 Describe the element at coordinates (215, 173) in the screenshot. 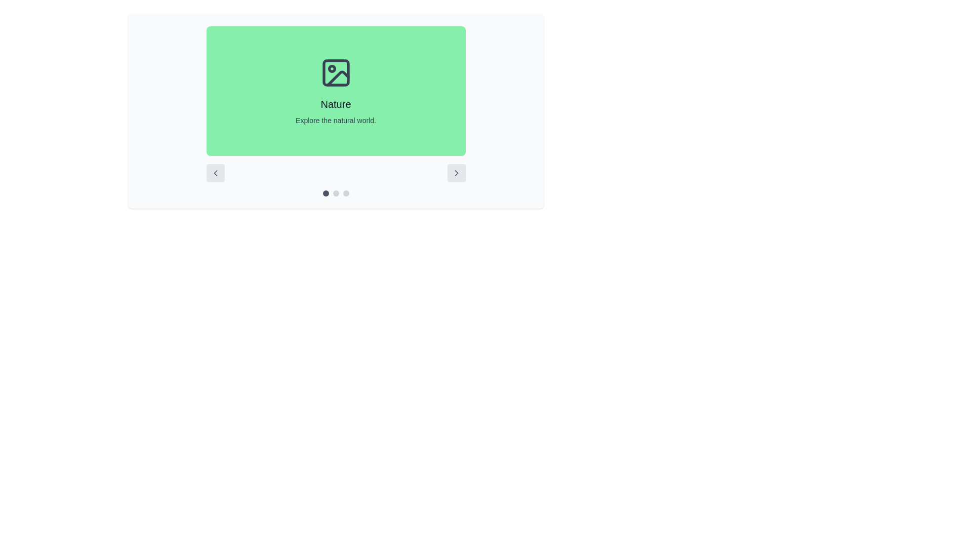

I see `the left-chevron arrow icon used for navigating to the previous item in the carousel` at that location.